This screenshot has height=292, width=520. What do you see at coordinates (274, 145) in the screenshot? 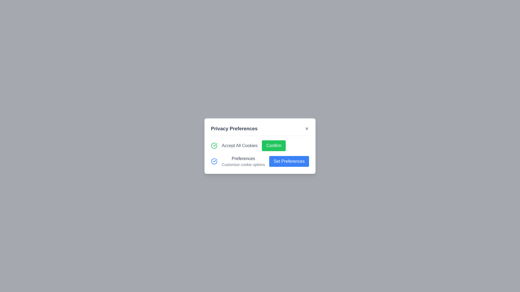
I see `the green 'Confirm' button to accept all cookies` at bounding box center [274, 145].